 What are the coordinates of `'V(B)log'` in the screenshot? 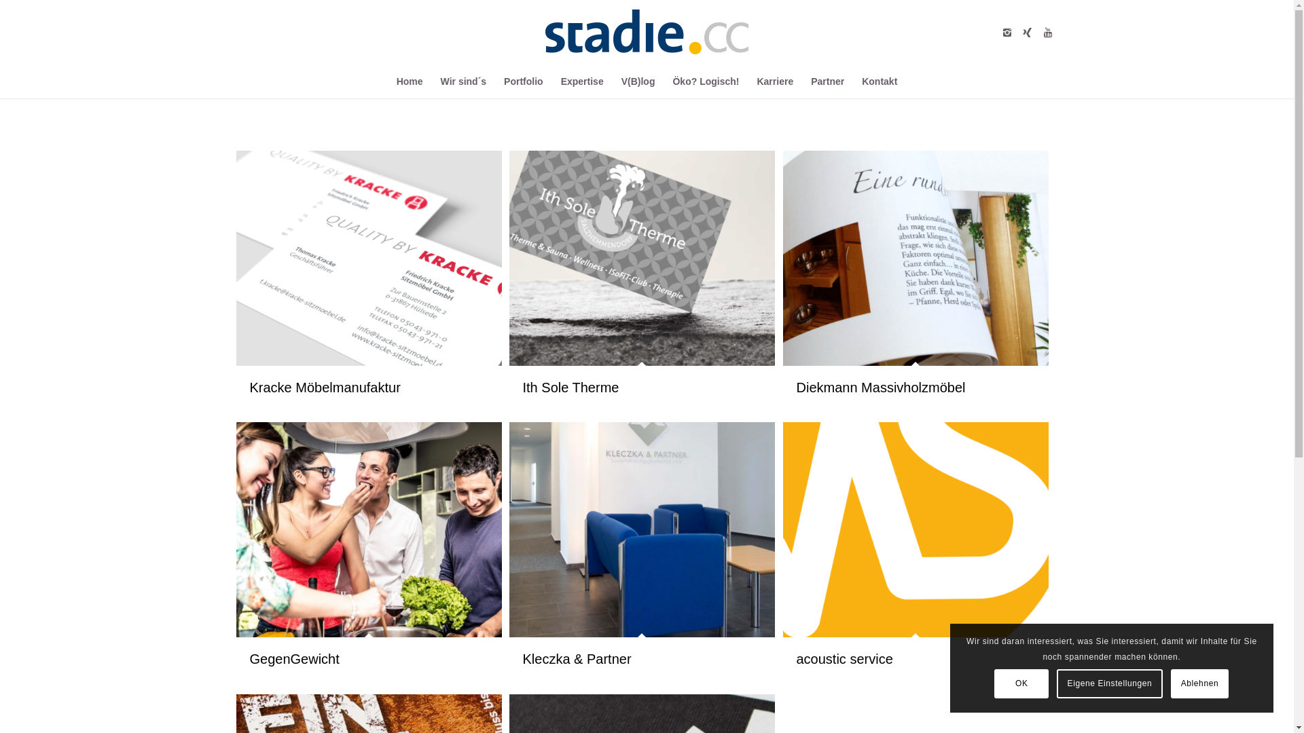 It's located at (612, 81).